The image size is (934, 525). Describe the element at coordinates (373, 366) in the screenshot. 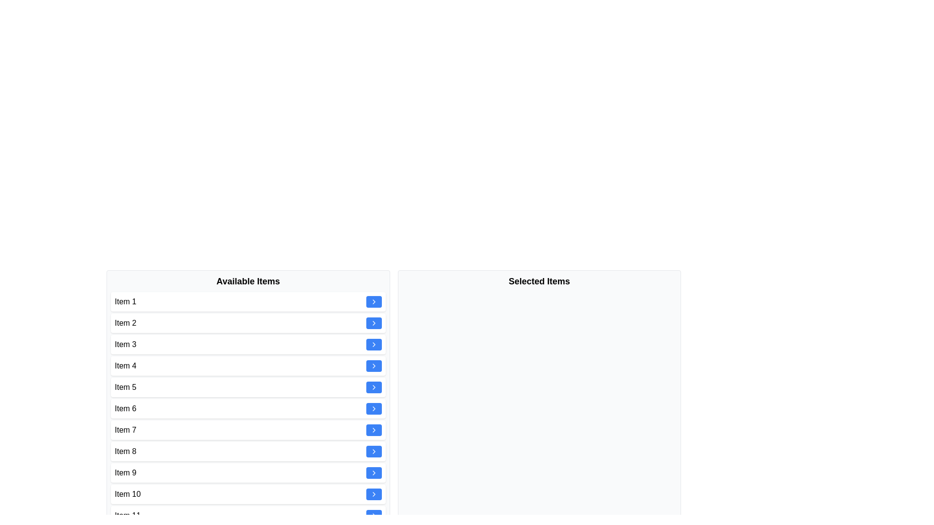

I see `the rounded blue button with a white chevron icon located in the middle right side of the 'Available Items' section, aligned with 'Item 4'` at that location.